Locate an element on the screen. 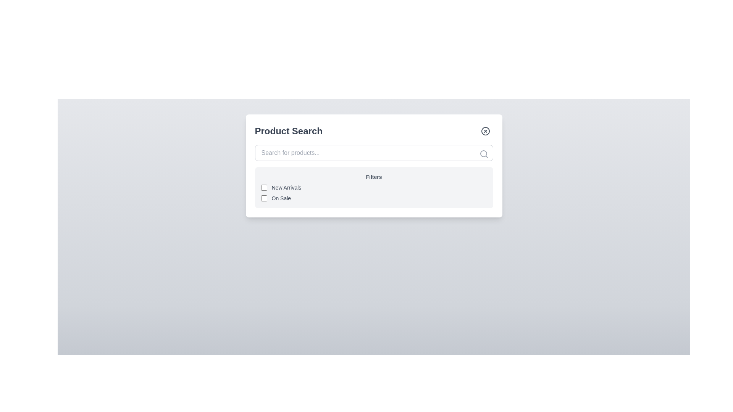 The image size is (733, 412). the small circular gray button with a cross symbol inside it located at the top-right corner of the 'Product Search' card is located at coordinates (485, 130).